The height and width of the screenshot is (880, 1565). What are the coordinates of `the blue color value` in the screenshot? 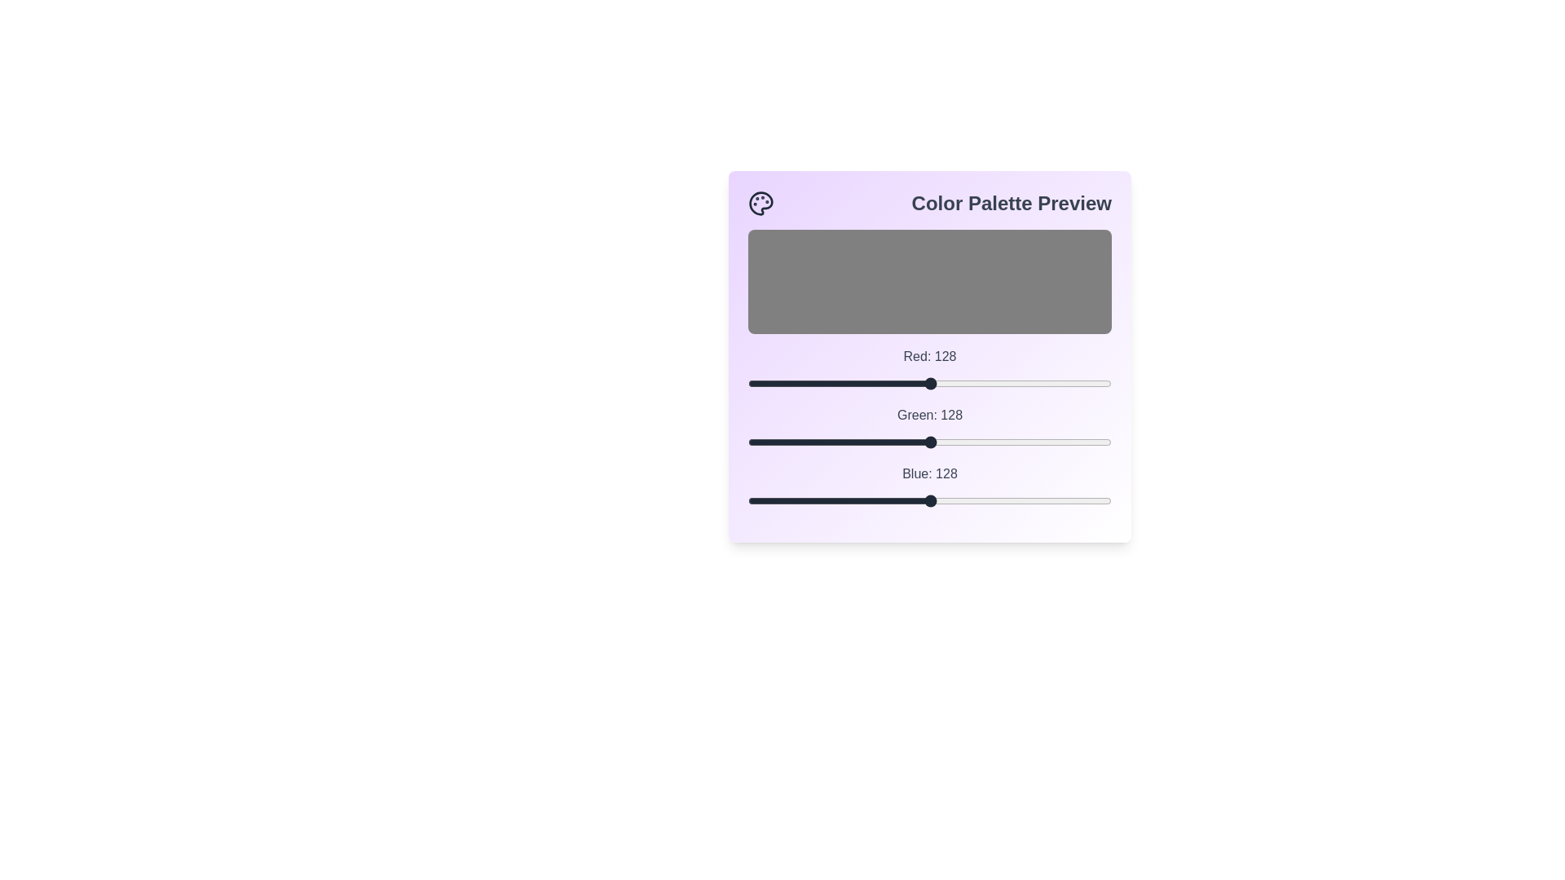 It's located at (752, 499).